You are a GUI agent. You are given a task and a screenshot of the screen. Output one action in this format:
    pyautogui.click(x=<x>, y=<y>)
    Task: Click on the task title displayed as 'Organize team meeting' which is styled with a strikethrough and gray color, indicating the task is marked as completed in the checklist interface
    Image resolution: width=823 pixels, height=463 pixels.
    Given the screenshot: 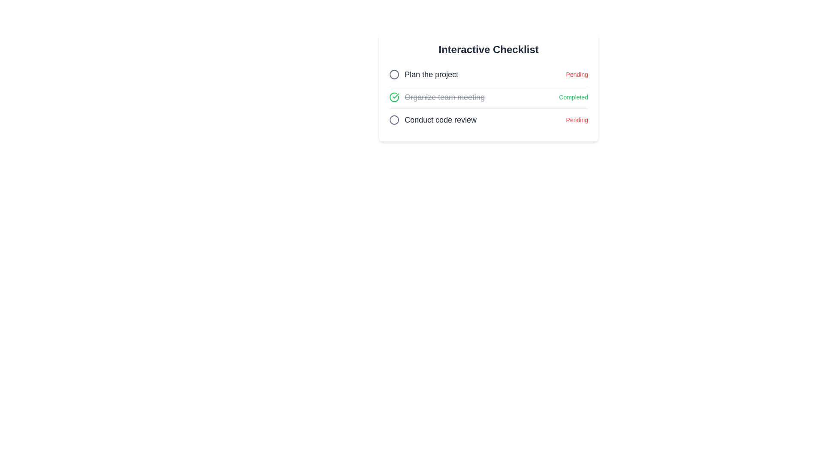 What is the action you would take?
    pyautogui.click(x=445, y=97)
    